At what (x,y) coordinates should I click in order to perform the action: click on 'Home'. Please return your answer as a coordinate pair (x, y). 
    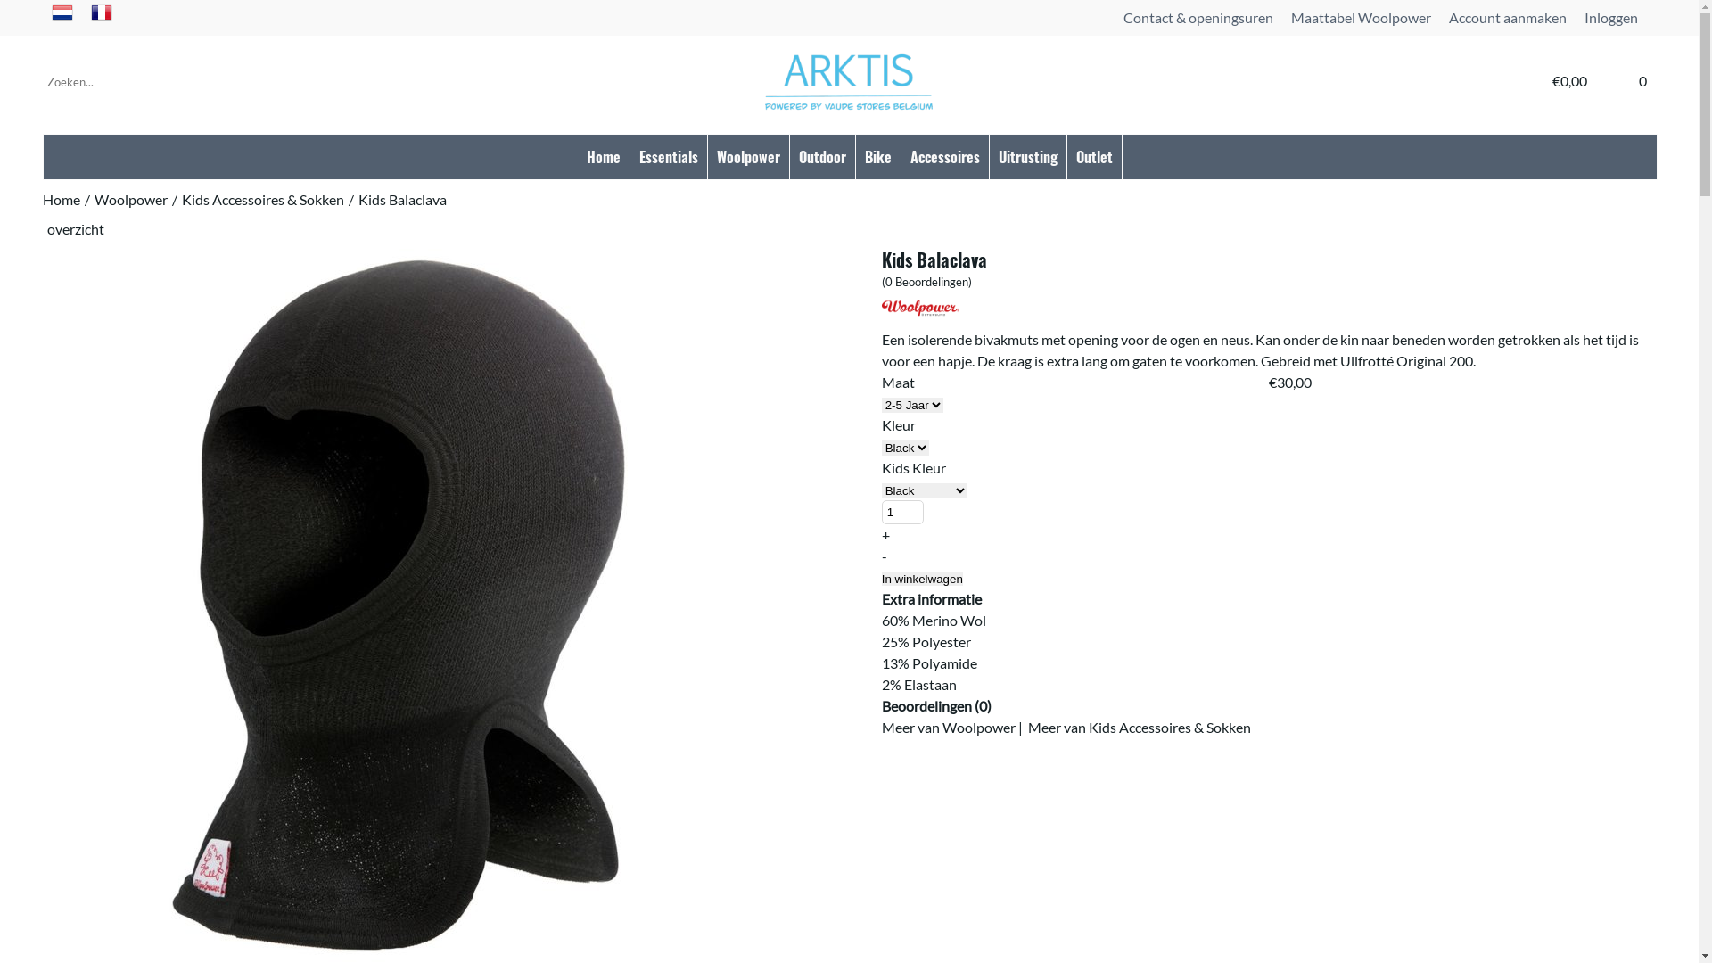
    Looking at the image, I should click on (61, 201).